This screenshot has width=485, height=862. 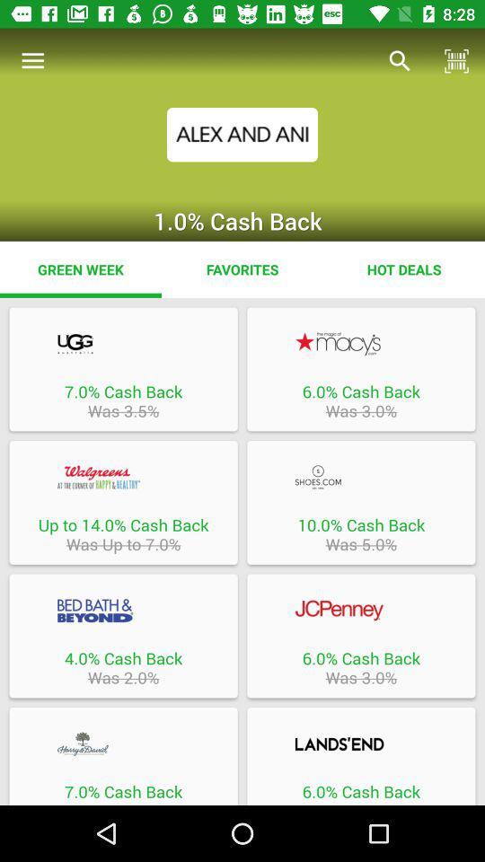 What do you see at coordinates (80, 268) in the screenshot?
I see `the item next to favorites icon` at bounding box center [80, 268].